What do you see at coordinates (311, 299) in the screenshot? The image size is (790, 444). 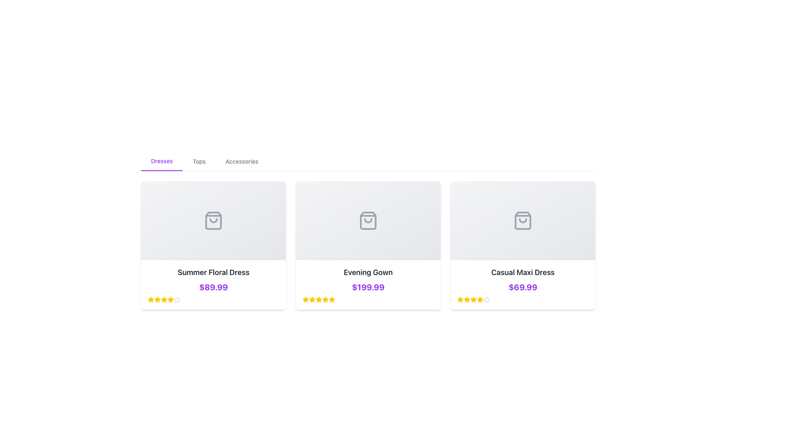 I see `the visual state of the second star icon in the five-star rating system located under the 'Evening Gown' card in the second column of the product grid` at bounding box center [311, 299].